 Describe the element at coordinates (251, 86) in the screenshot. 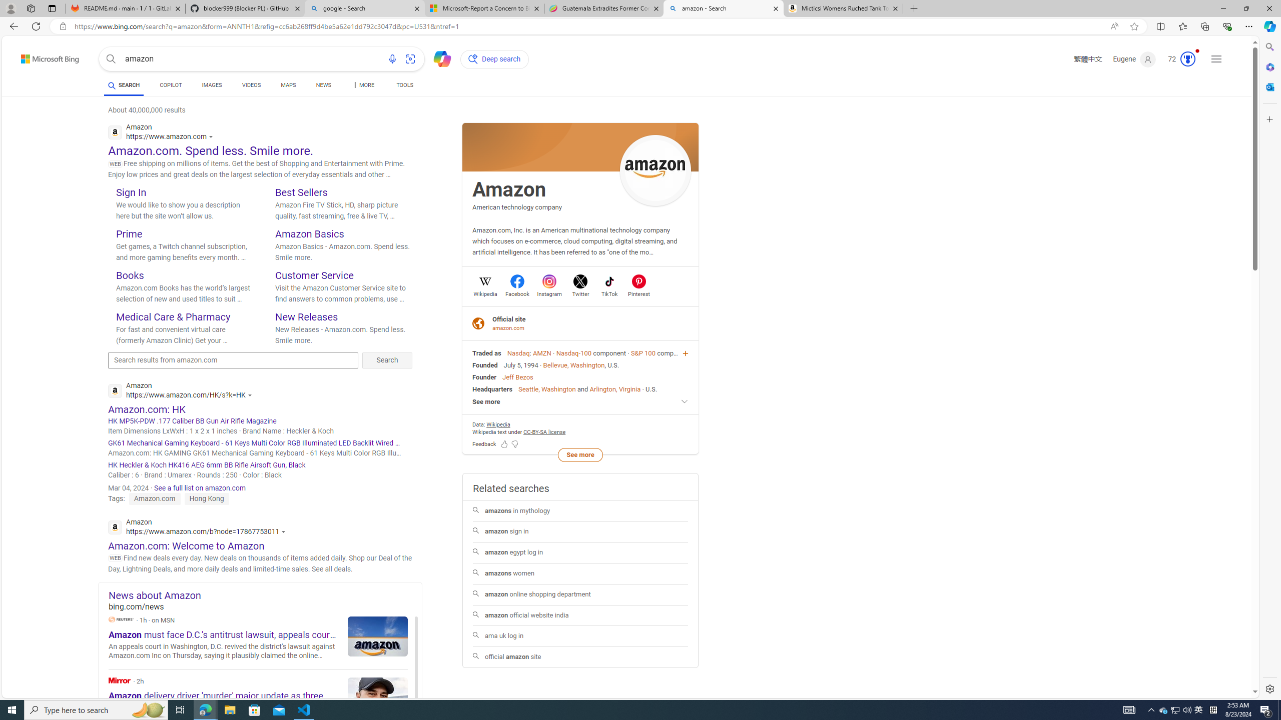

I see `'VIDEOS'` at that location.